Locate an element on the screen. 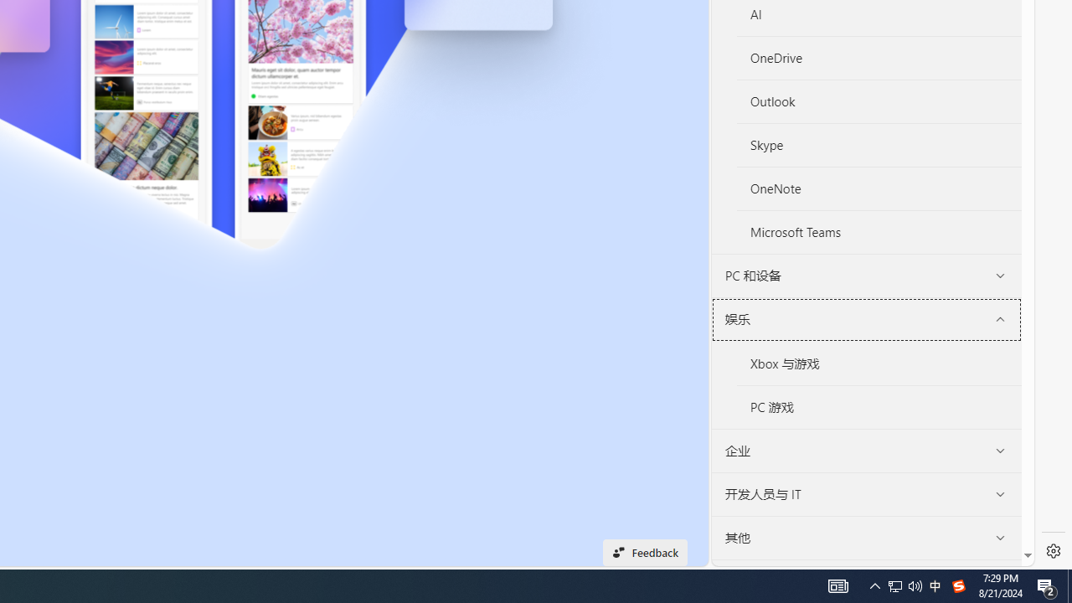 This screenshot has height=603, width=1072. 'OneNote' is located at coordinates (878, 188).